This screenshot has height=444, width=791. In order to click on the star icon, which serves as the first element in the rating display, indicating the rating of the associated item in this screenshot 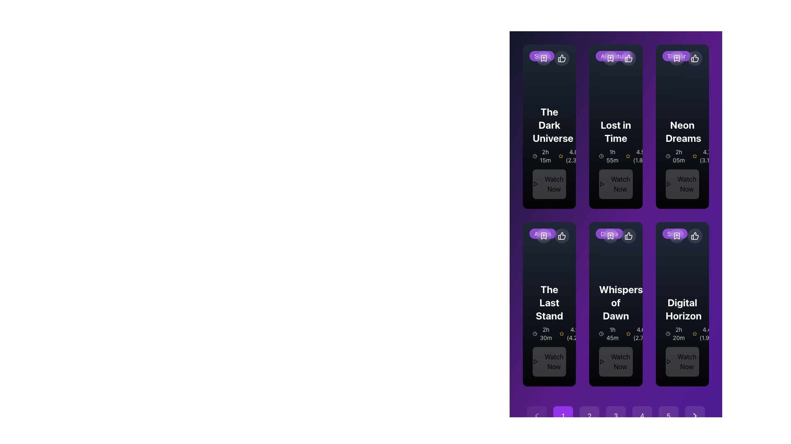, I will do `click(561, 334)`.